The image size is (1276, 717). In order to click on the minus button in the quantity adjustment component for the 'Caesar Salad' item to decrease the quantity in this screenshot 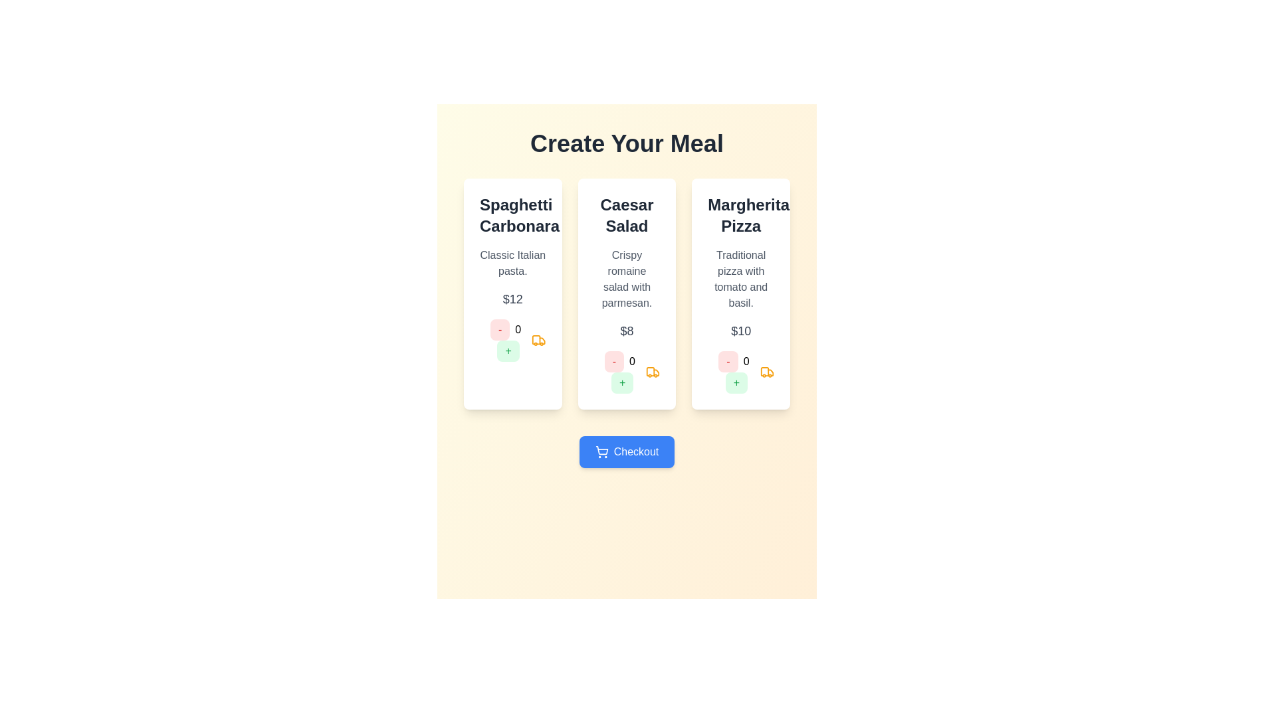, I will do `click(619, 372)`.